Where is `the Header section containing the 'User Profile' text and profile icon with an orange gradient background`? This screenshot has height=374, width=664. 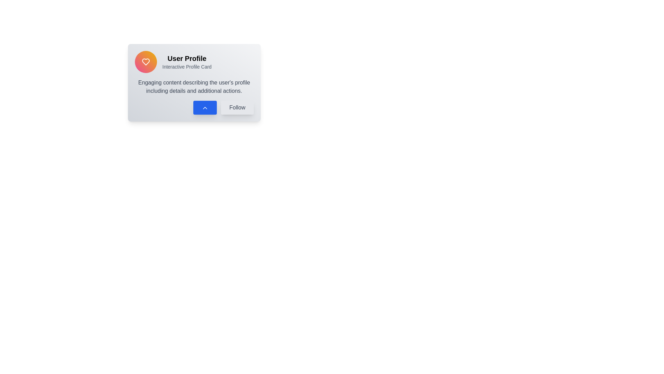 the Header section containing the 'User Profile' text and profile icon with an orange gradient background is located at coordinates (194, 61).